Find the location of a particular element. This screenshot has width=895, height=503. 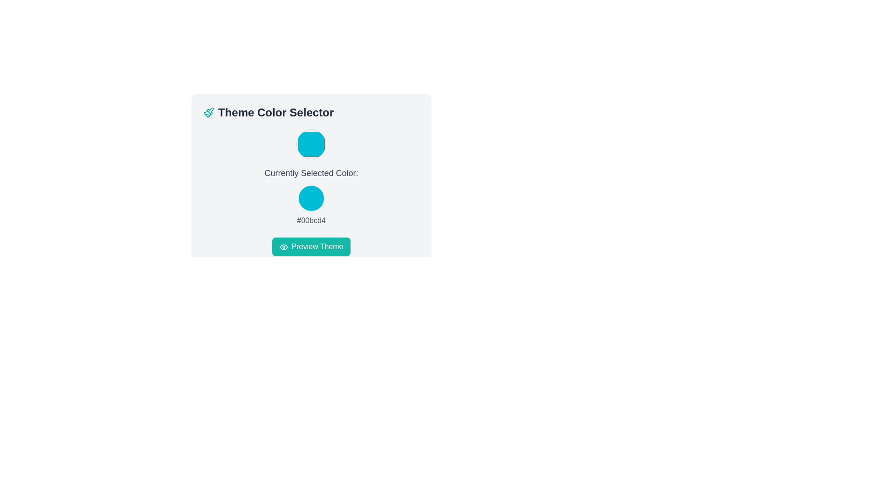

the read-only display text that shows the currently selected color's hexadecimal code, which is positioned below the color swatch and above the 'Preview Theme' button is located at coordinates (311, 221).